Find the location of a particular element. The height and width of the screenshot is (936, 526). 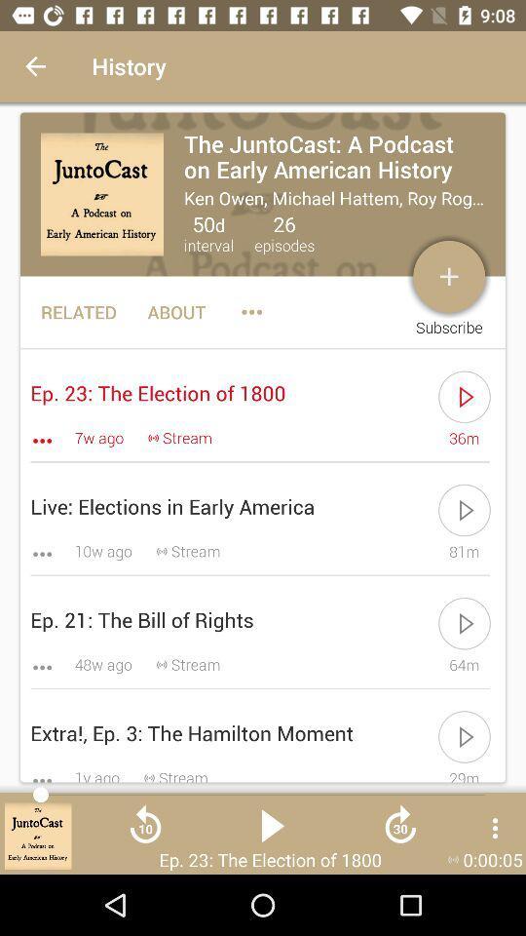

pause button is located at coordinates (272, 832).